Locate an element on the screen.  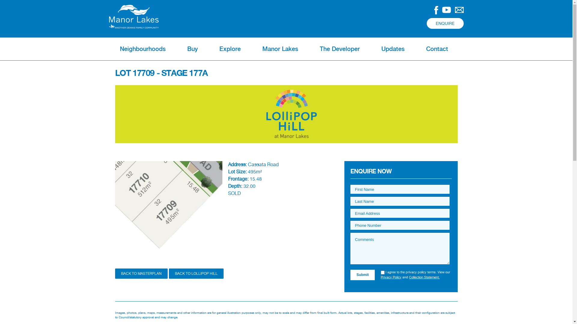
'BACK TO MASTERPLAN' is located at coordinates (141, 273).